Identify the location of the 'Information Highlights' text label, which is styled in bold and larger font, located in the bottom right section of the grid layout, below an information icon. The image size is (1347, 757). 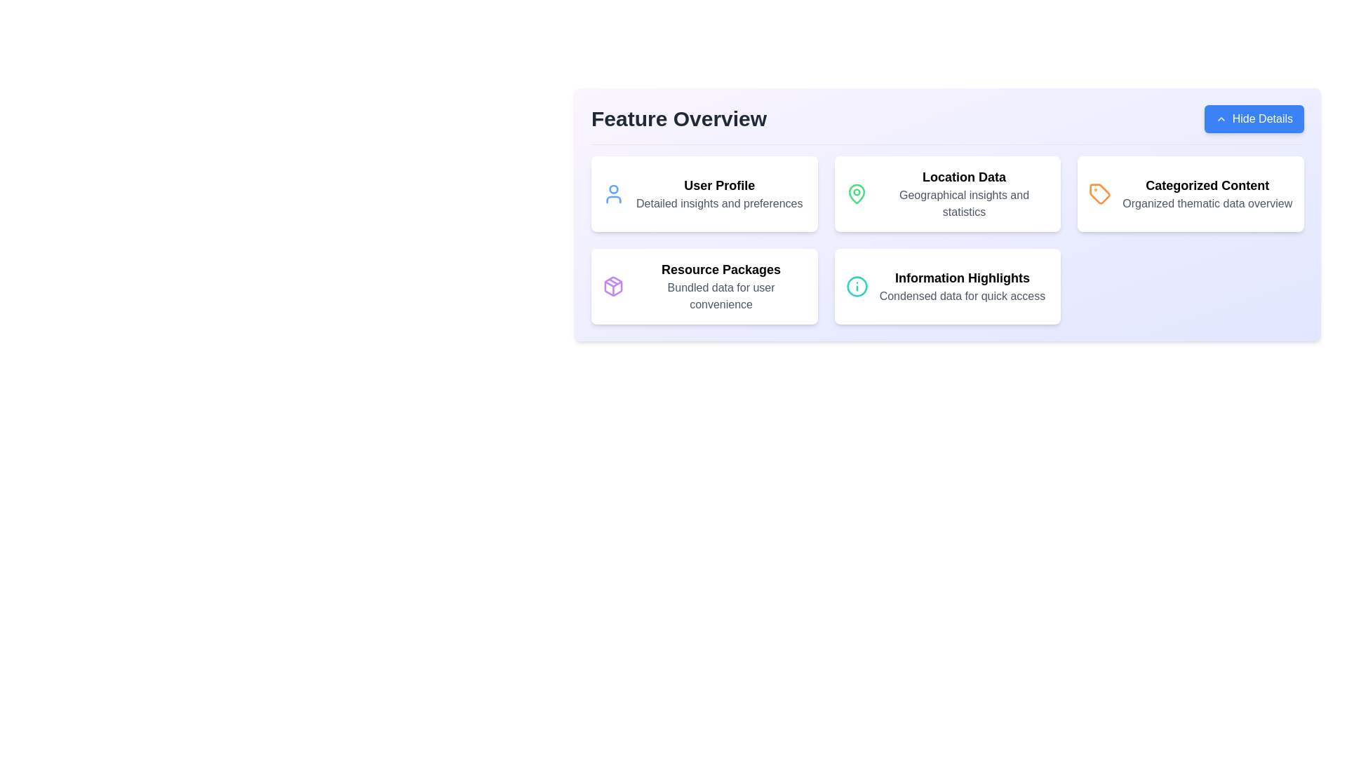
(962, 278).